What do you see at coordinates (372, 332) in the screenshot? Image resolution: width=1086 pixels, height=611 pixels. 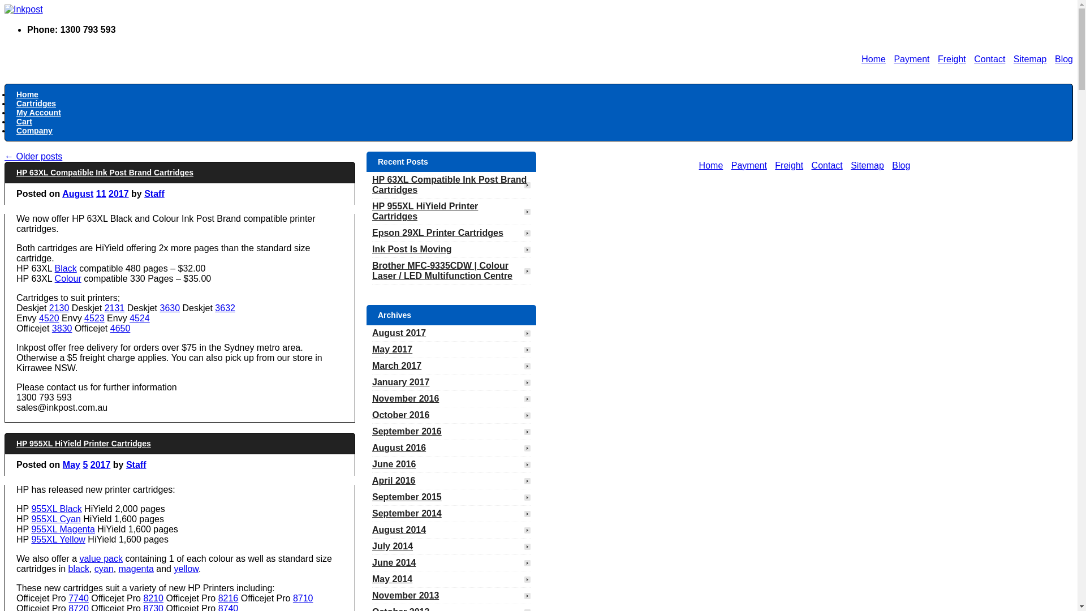 I see `'August 2017'` at bounding box center [372, 332].